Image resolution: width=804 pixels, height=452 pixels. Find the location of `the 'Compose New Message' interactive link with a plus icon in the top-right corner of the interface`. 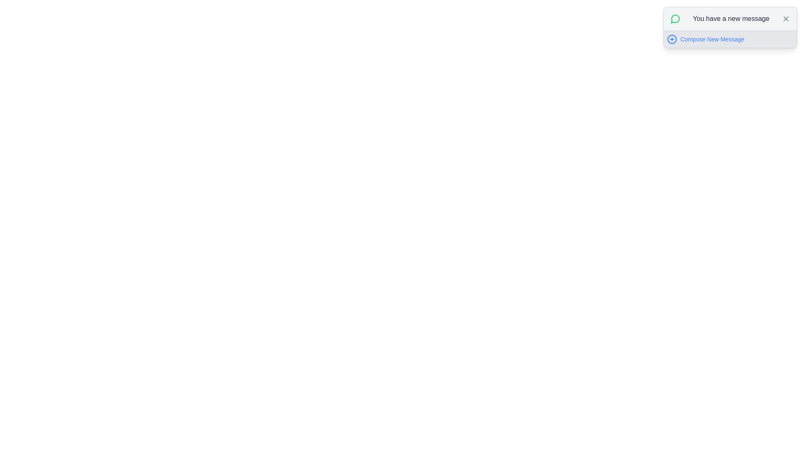

the 'Compose New Message' interactive link with a plus icon in the top-right corner of the interface is located at coordinates (729, 39).